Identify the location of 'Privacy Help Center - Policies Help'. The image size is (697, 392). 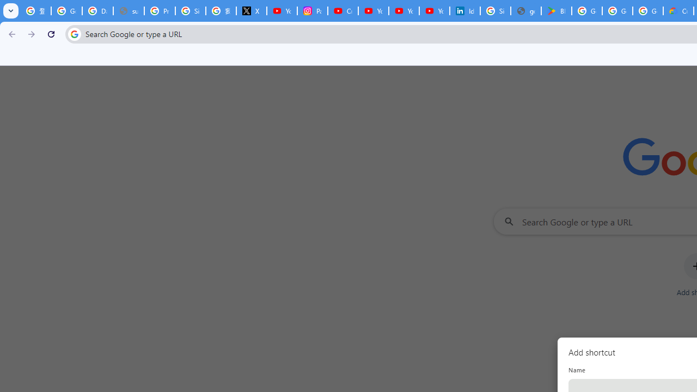
(159, 11).